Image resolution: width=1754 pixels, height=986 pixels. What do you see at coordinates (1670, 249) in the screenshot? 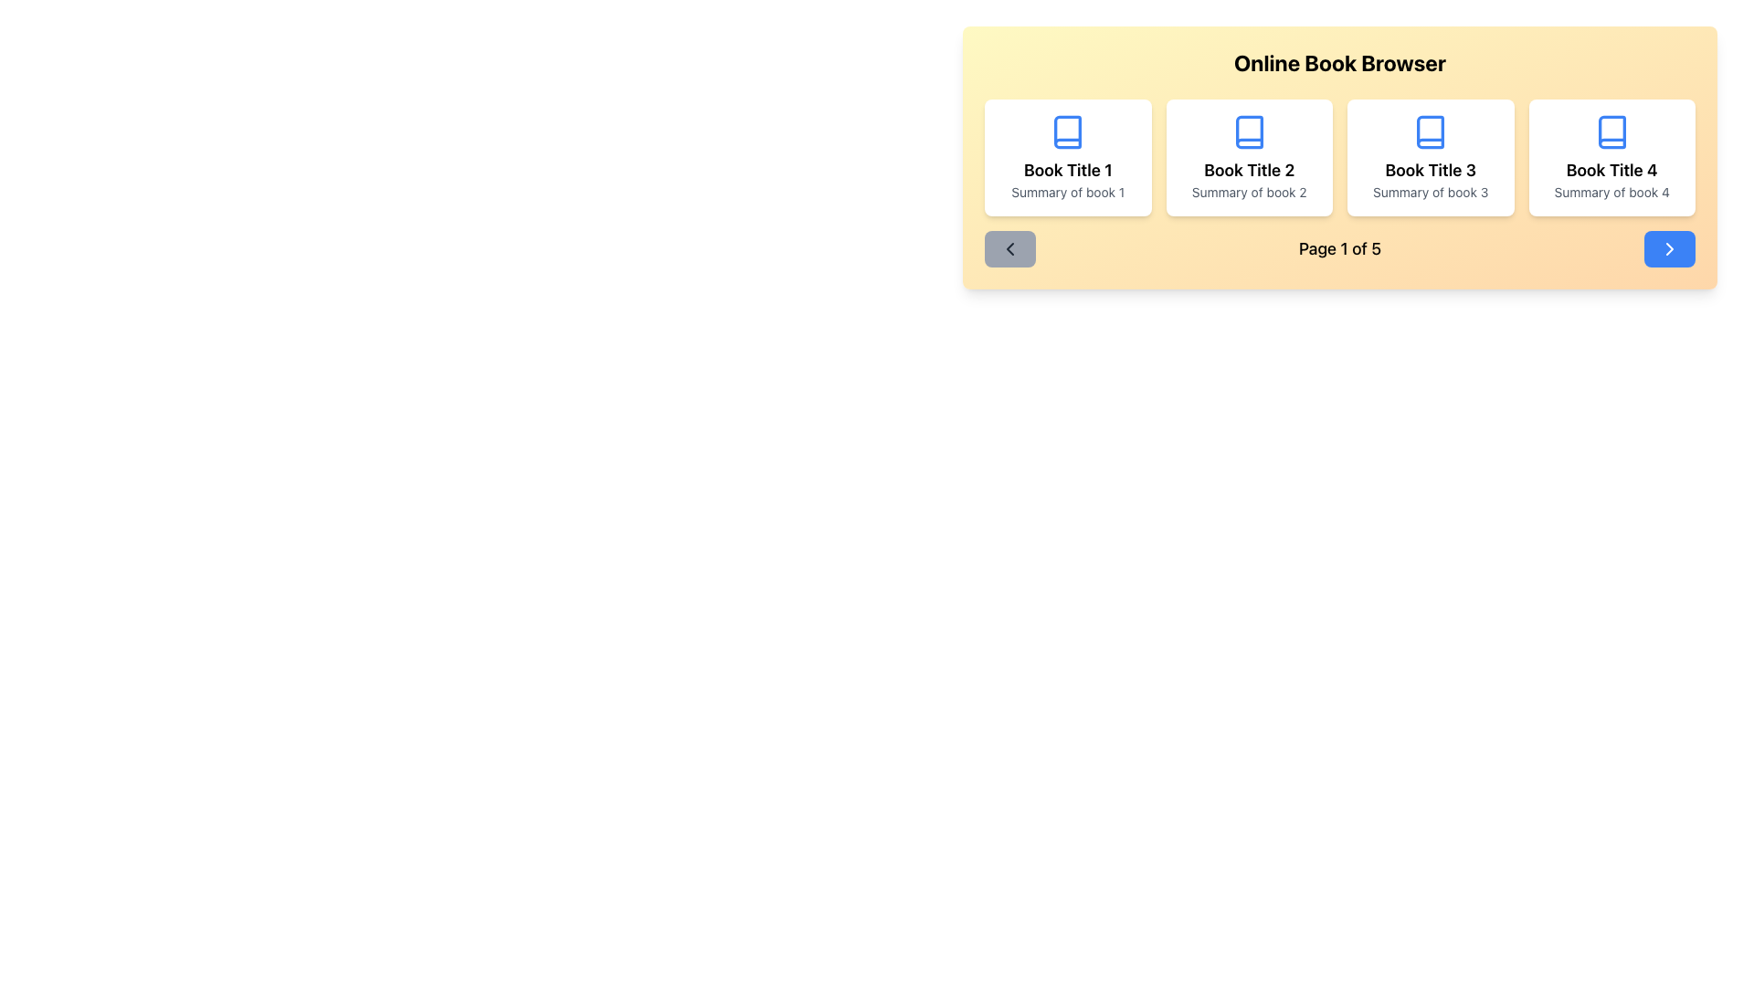
I see `the button located at the right end of the pagination bar` at bounding box center [1670, 249].